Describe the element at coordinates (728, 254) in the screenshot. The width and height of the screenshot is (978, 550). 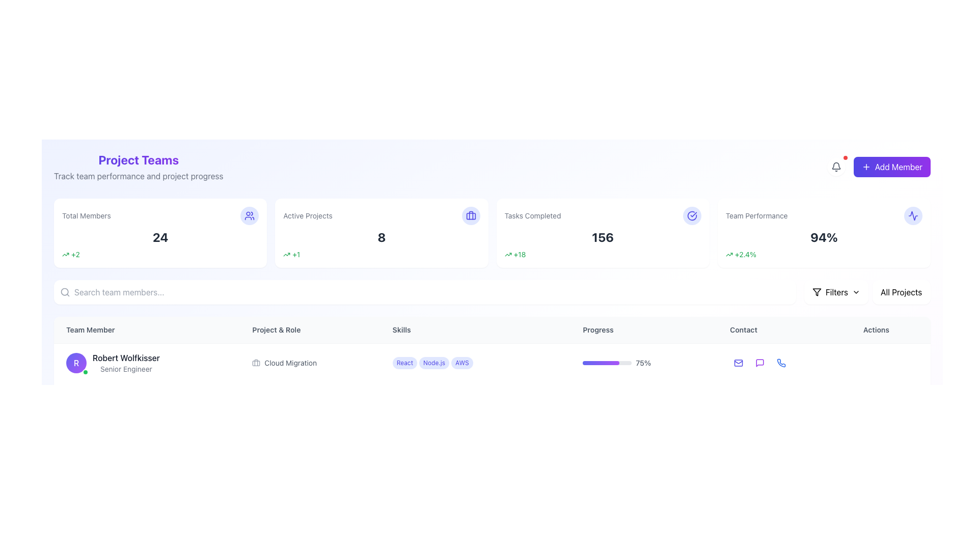
I see `the performance trend icon located in the 'Team Performance' section of the dashboard, which is positioned to the left of the '+2.4%' text` at that location.